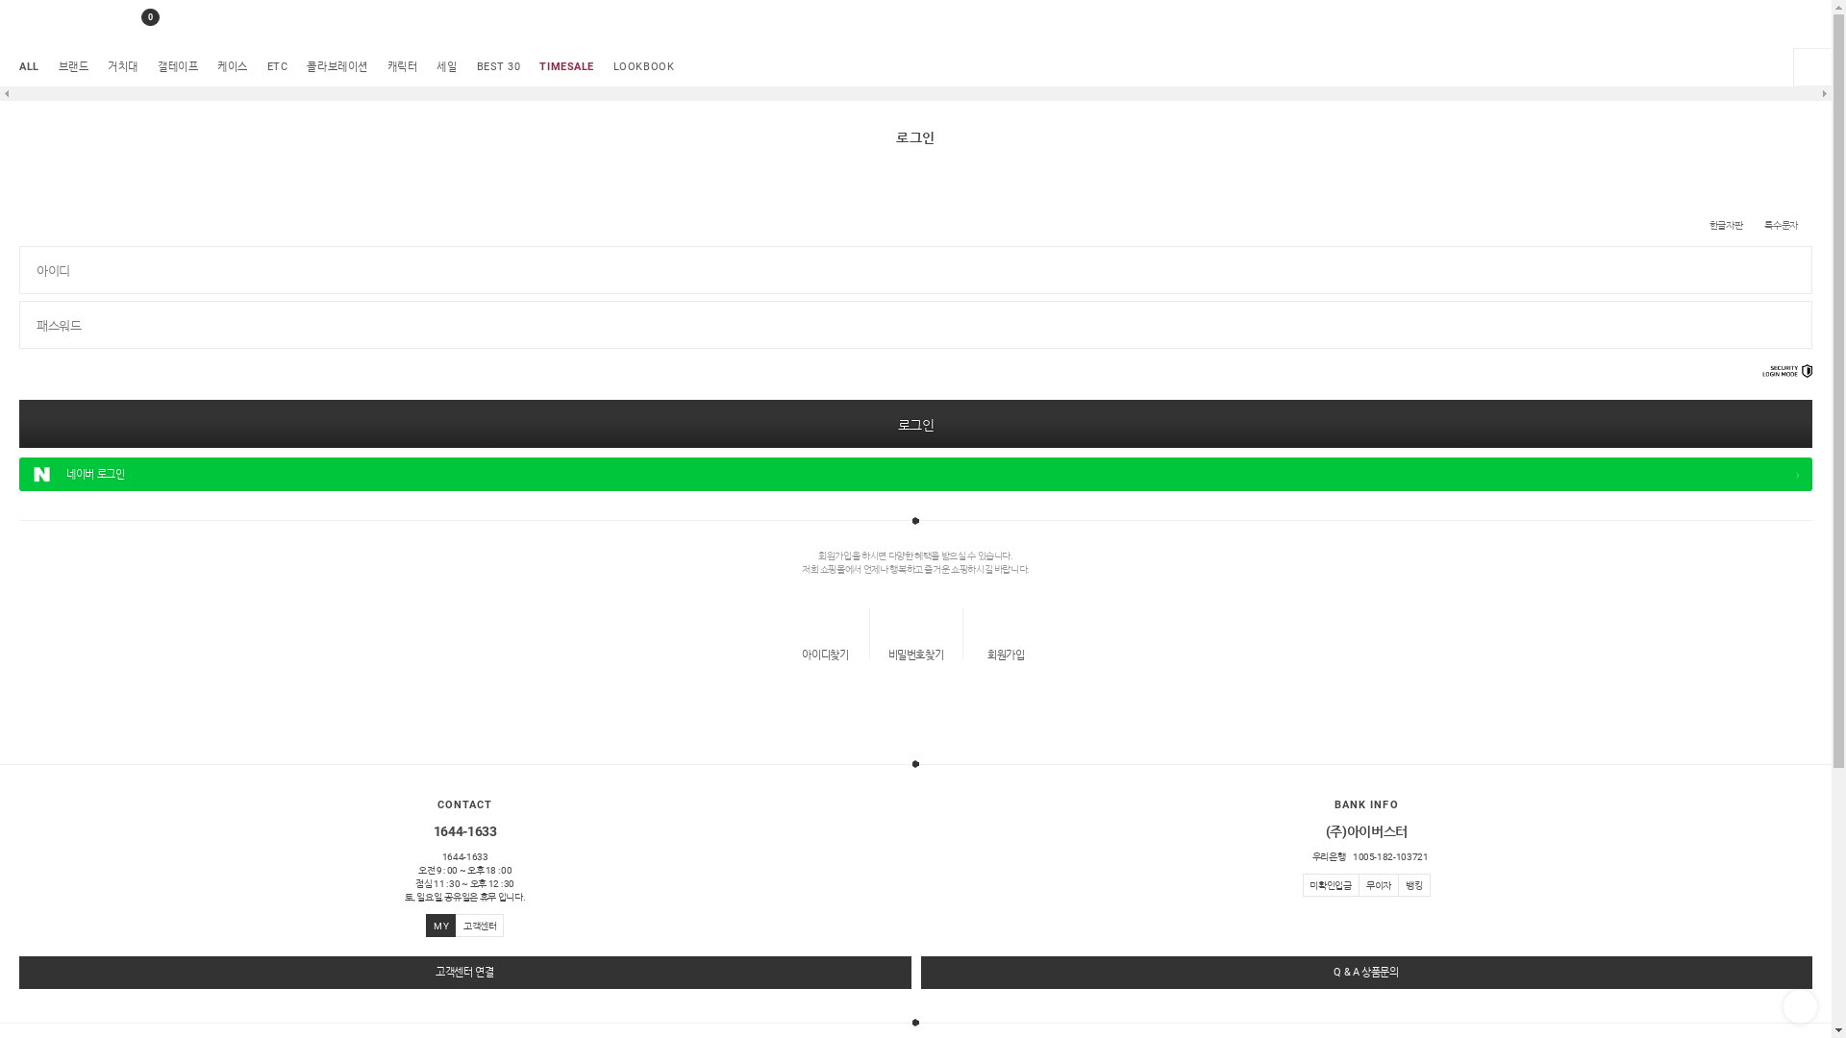 The width and height of the screenshot is (1846, 1038). I want to click on 'ALL', so click(29, 65).